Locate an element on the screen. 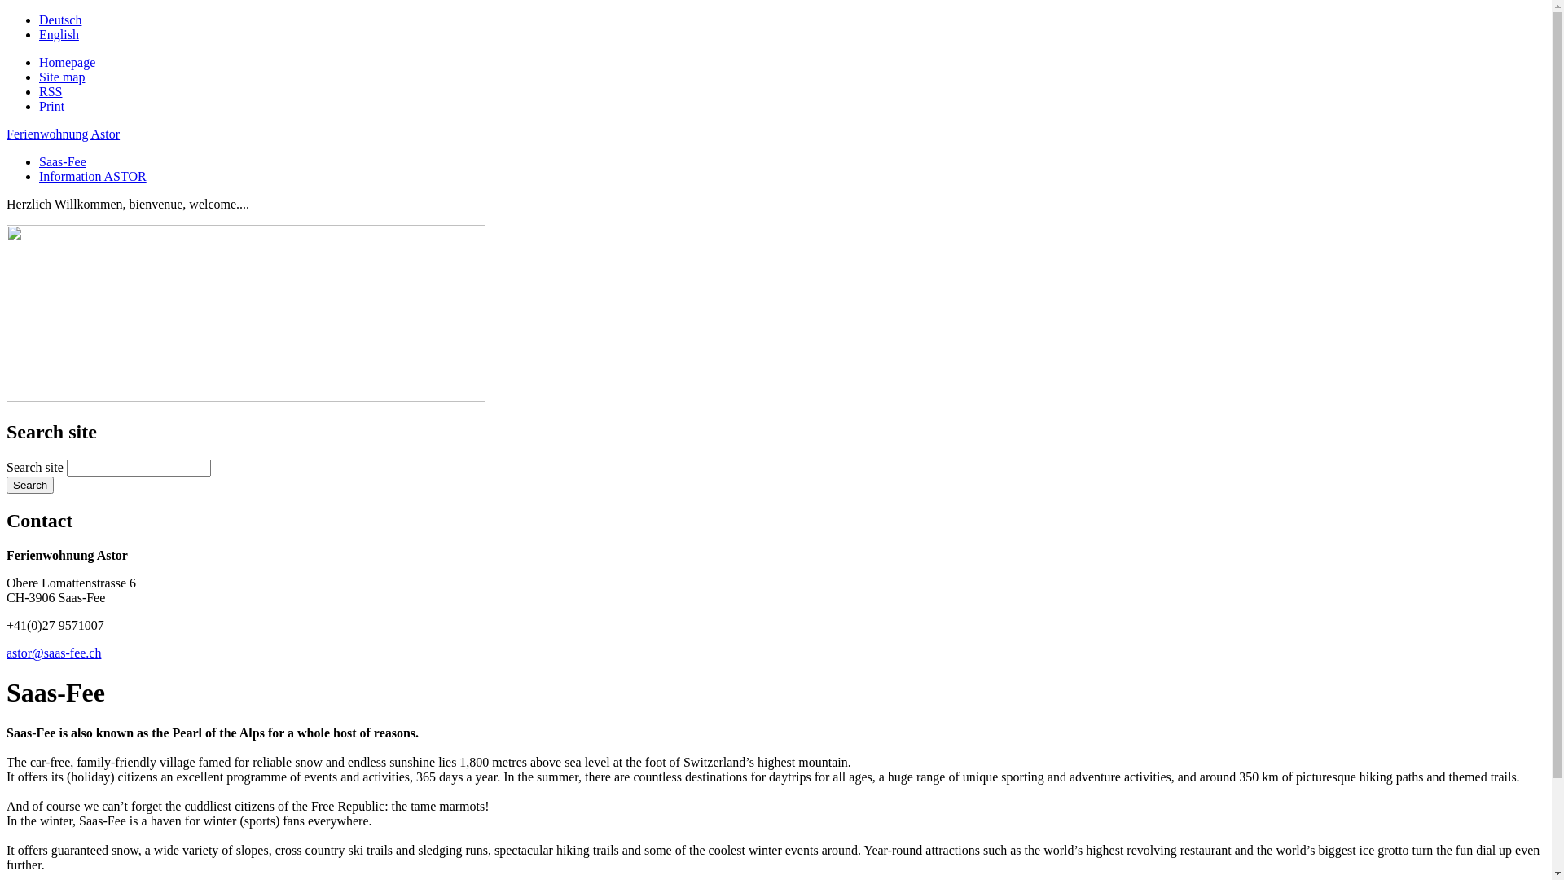 This screenshot has height=880, width=1564. 'astor@saas-fee.ch' is located at coordinates (54, 652).